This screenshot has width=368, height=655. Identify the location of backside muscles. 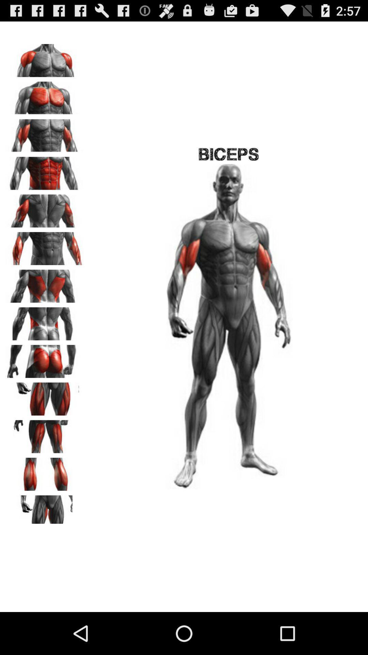
(45, 321).